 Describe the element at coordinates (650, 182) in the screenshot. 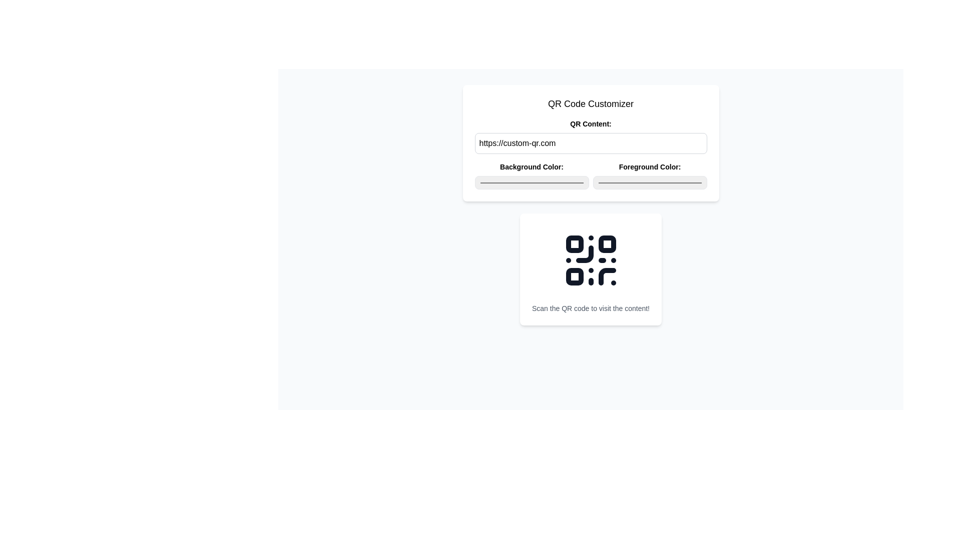

I see `the Color Picker element located below the 'Foreground Color:' label` at that location.